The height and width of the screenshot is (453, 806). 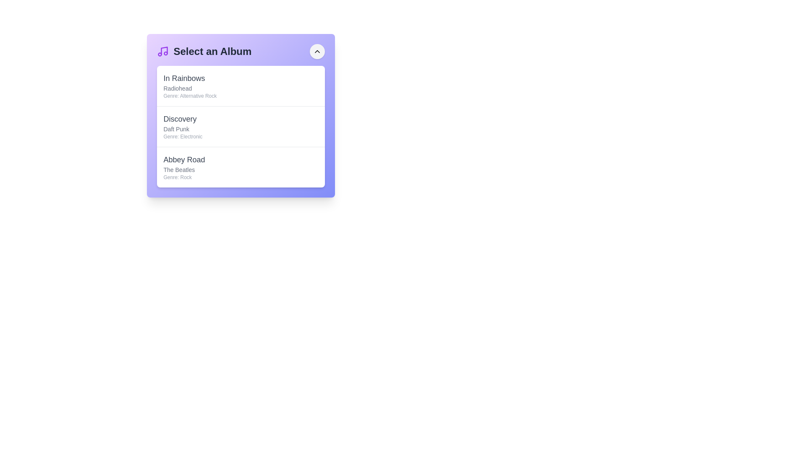 I want to click on the interactive list item representing the album 'In Rainbows', so click(x=240, y=86).